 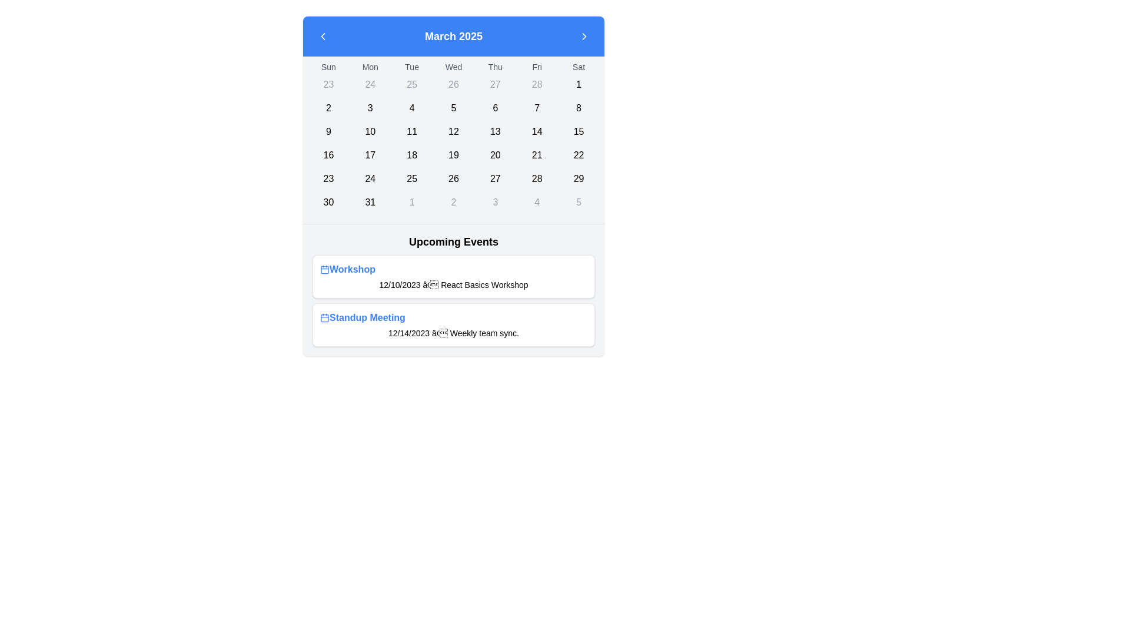 What do you see at coordinates (328, 179) in the screenshot?
I see `the calendar date cell displaying '23' in the March 2025 month view` at bounding box center [328, 179].